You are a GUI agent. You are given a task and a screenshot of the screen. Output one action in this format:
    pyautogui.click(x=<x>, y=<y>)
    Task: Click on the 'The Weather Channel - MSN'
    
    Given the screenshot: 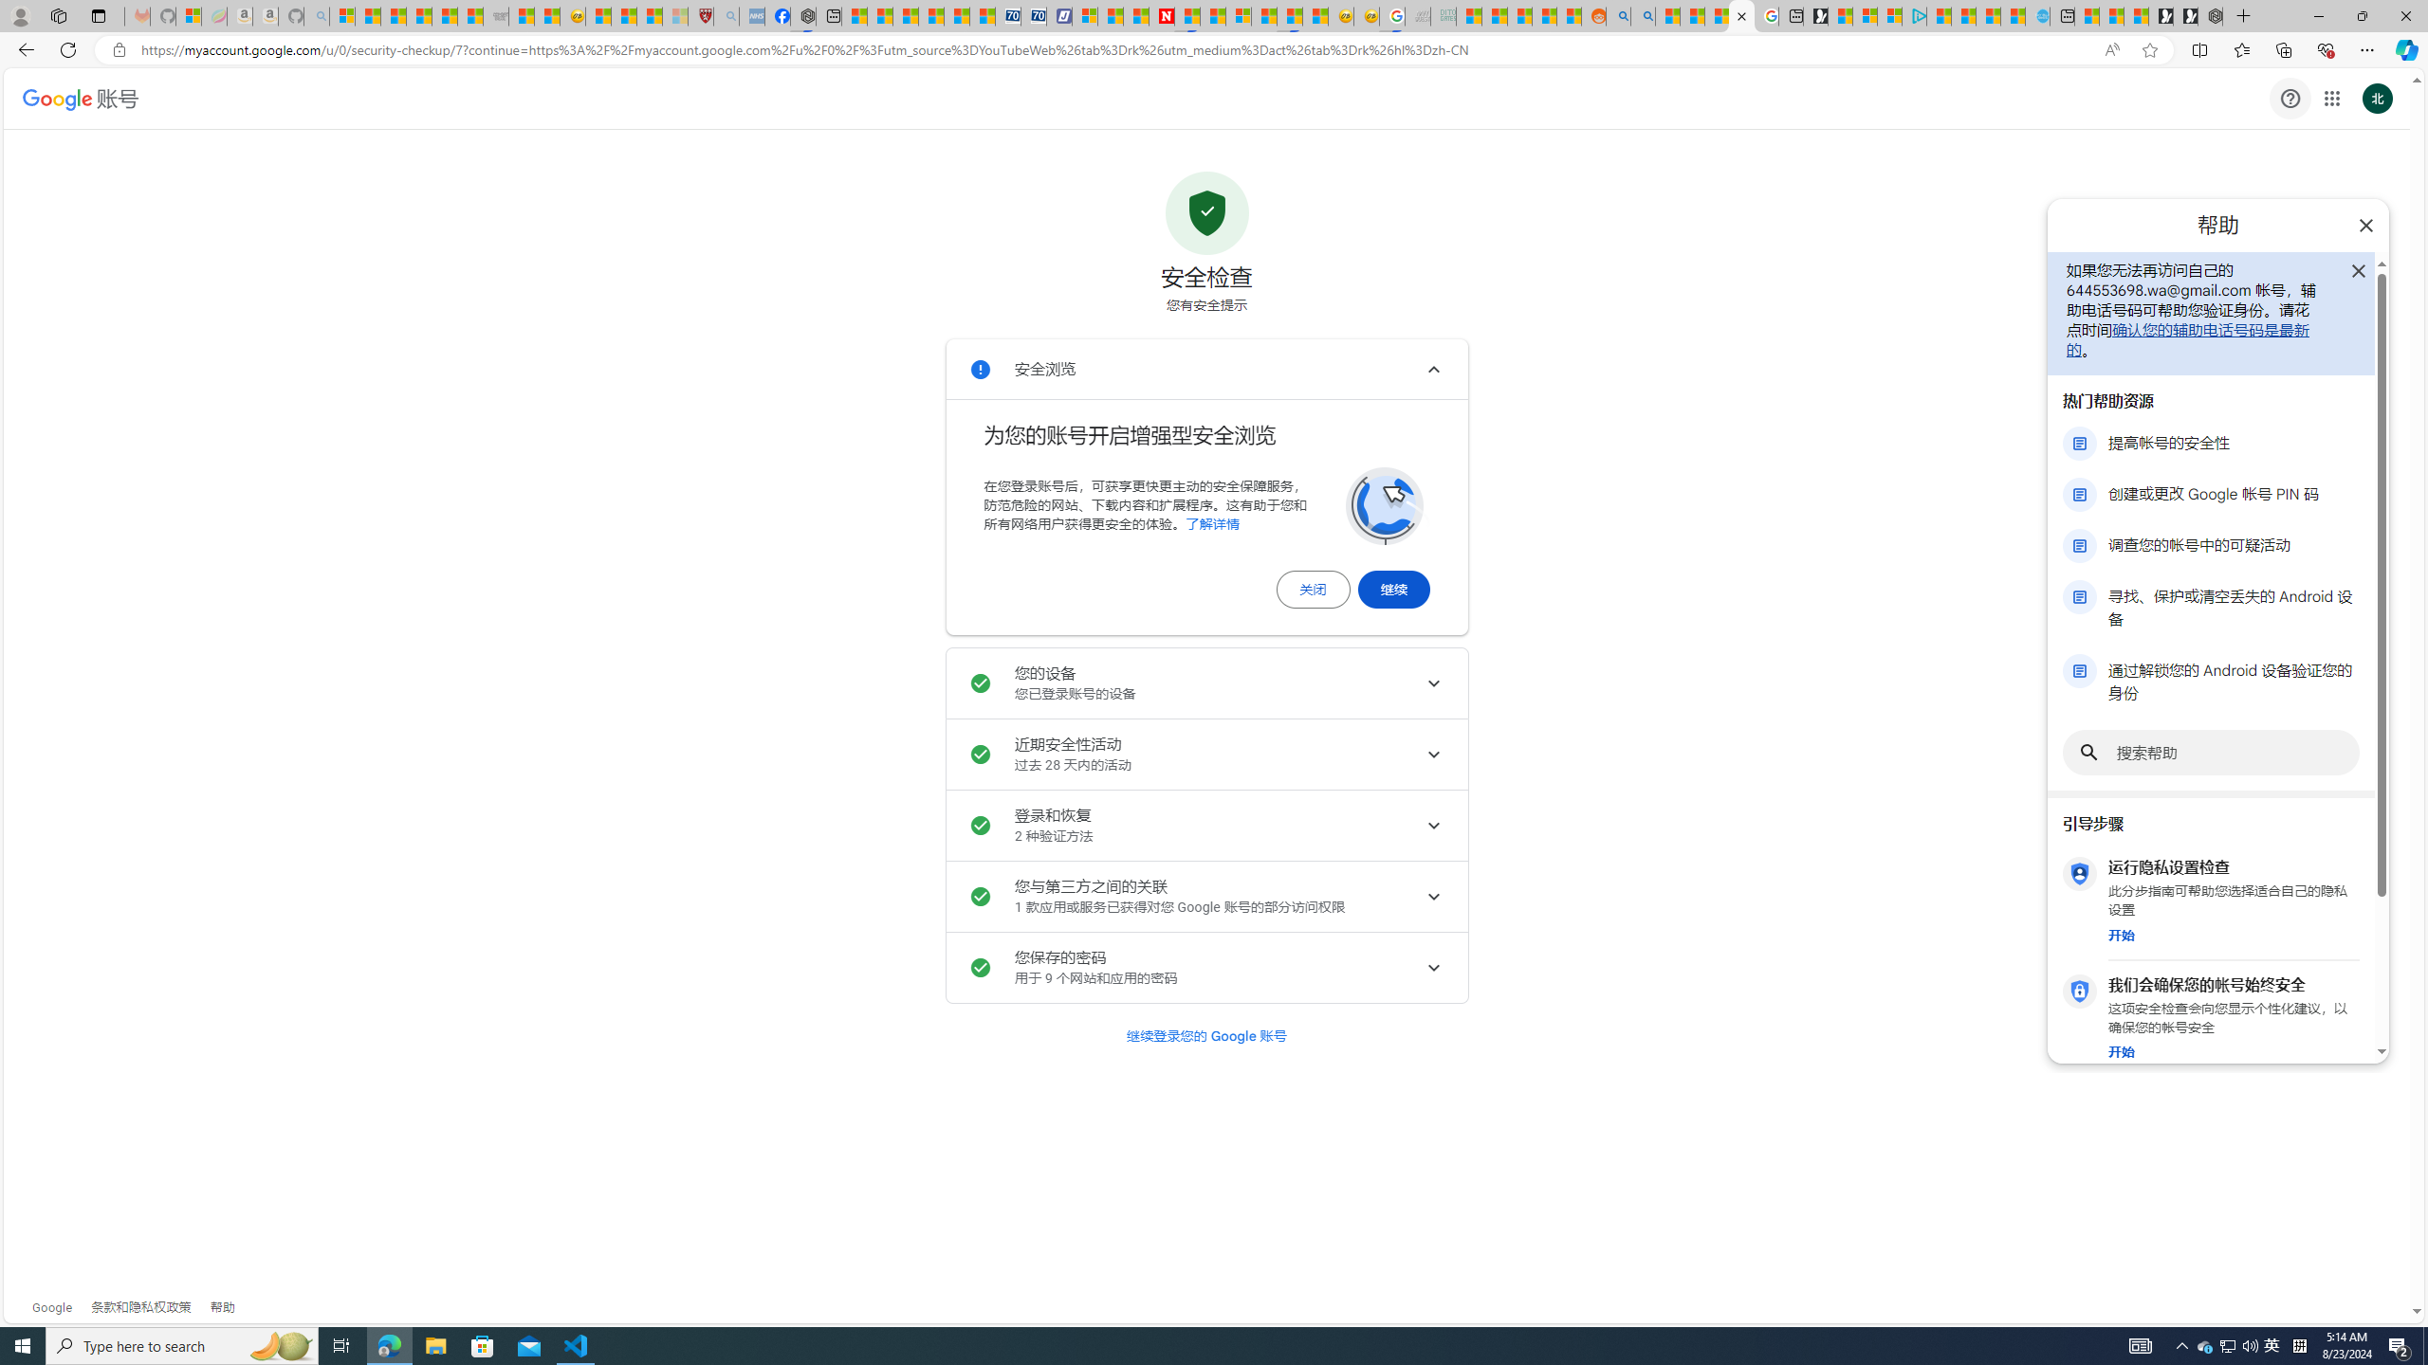 What is the action you would take?
    pyautogui.click(x=394, y=15)
    